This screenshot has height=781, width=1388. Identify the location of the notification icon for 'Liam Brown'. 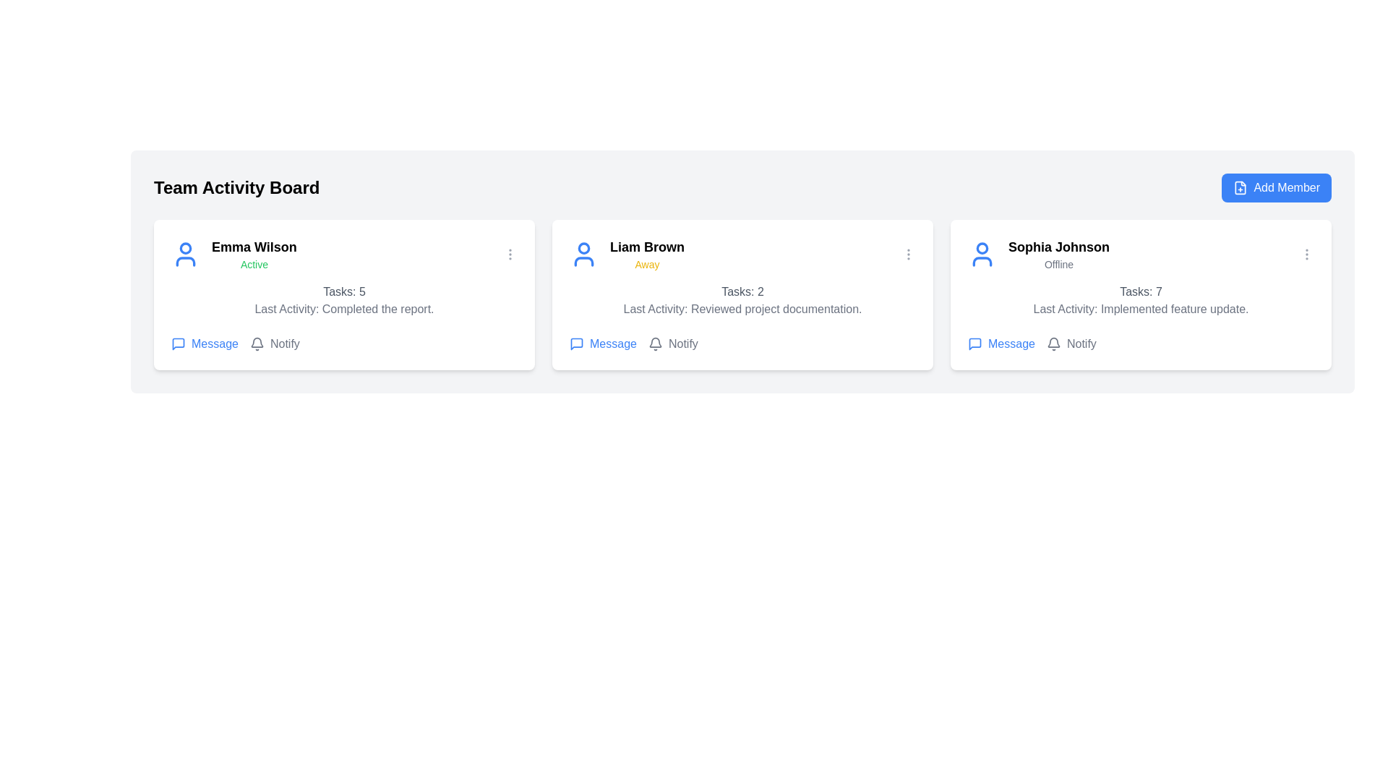
(655, 342).